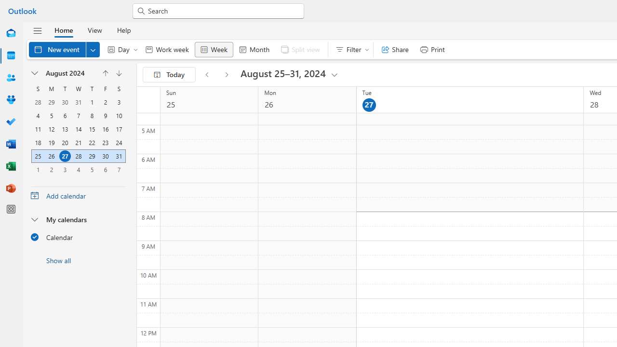 The width and height of the screenshot is (617, 347). Describe the element at coordinates (78, 260) in the screenshot. I see `'Show all'` at that location.